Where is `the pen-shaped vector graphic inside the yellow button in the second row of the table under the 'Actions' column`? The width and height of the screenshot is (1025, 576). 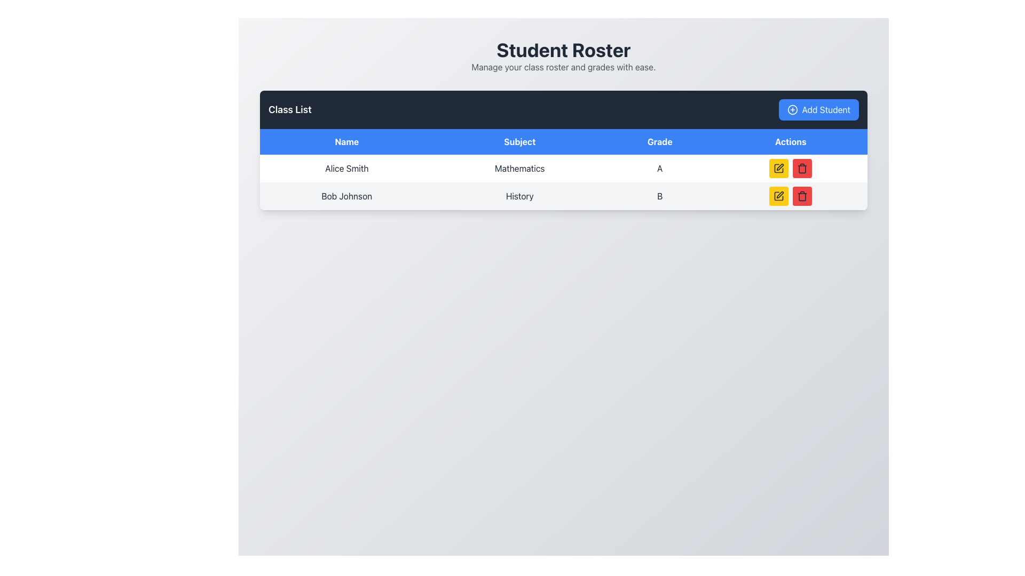 the pen-shaped vector graphic inside the yellow button in the second row of the table under the 'Actions' column is located at coordinates (780, 195).